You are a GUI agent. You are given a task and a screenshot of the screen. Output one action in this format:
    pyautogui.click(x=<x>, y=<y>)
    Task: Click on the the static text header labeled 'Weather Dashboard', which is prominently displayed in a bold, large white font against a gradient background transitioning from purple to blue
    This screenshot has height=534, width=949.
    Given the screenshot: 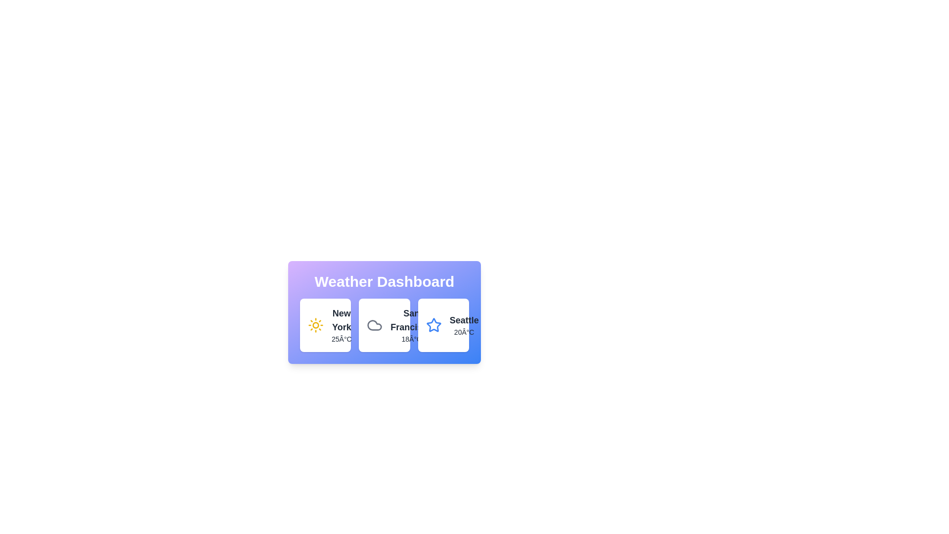 What is the action you would take?
    pyautogui.click(x=384, y=282)
    